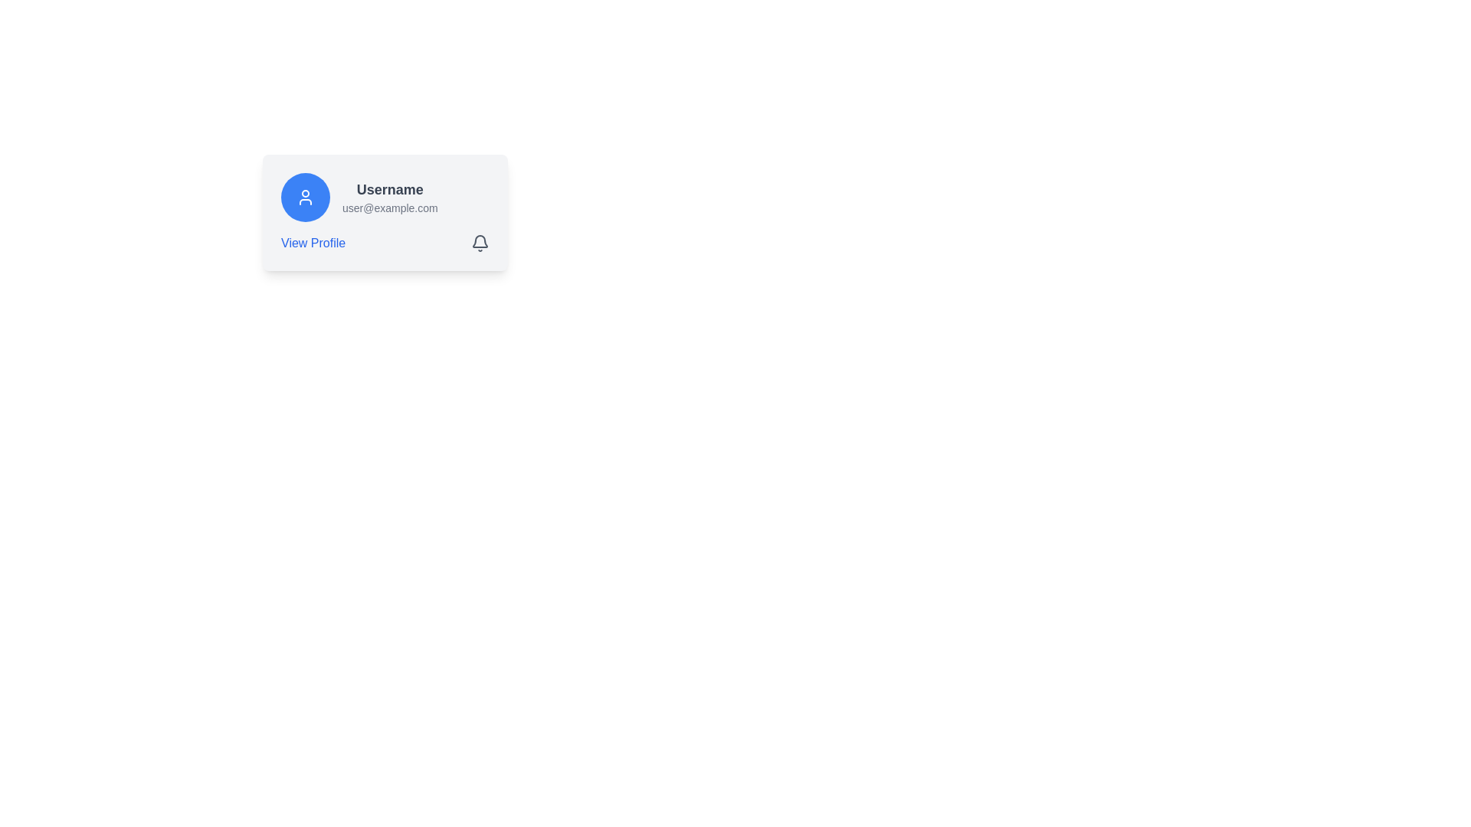 Image resolution: width=1471 pixels, height=827 pixels. Describe the element at coordinates (385, 197) in the screenshot. I see `the 'Username' text in the profile summary component` at that location.